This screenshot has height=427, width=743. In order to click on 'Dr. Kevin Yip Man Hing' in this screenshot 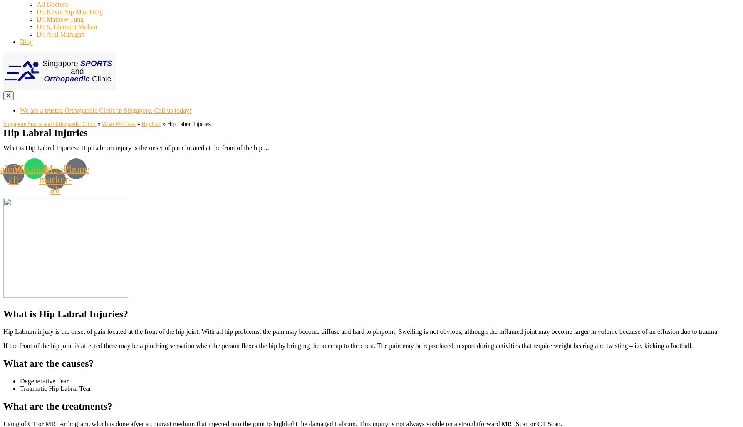, I will do `click(69, 12)`.